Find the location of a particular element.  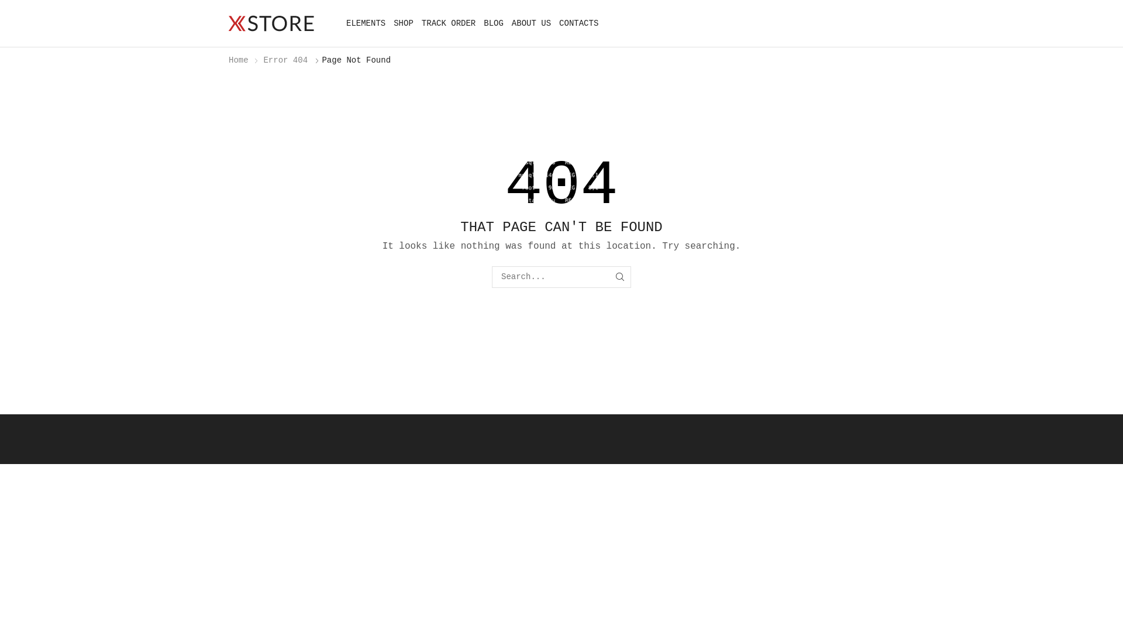

'TRACK ORDER' is located at coordinates (448, 23).